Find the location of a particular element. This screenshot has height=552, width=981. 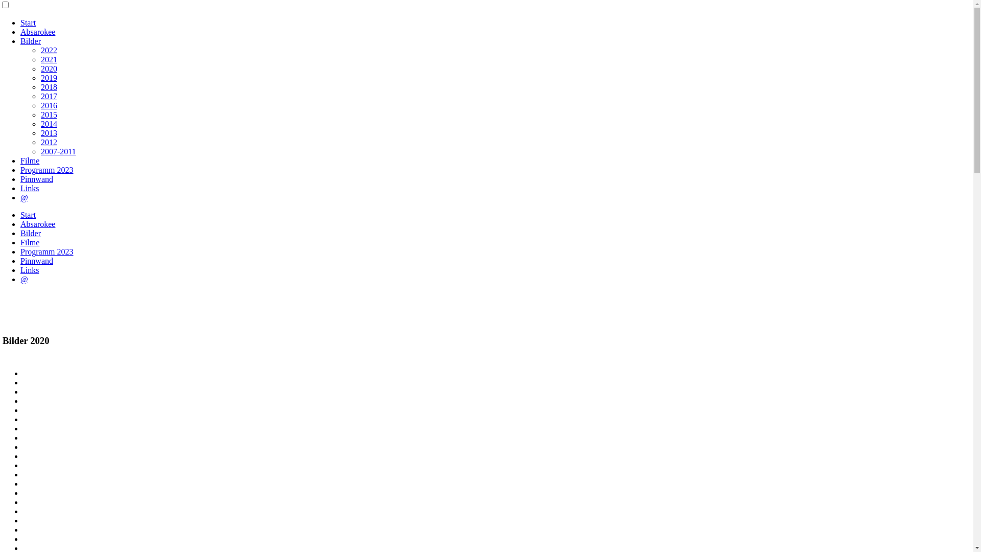

'2015' is located at coordinates (49, 114).